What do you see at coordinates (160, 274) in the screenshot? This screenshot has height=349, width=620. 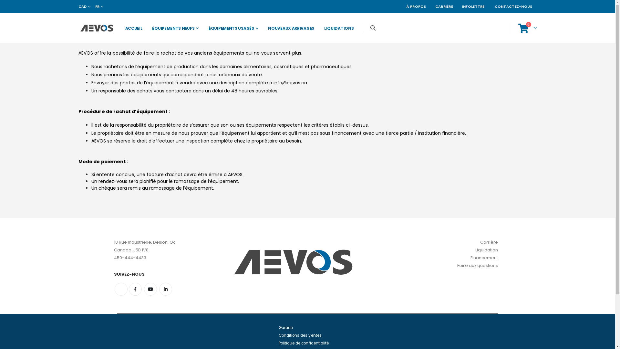 I see `'SUIVEZ-NOUS'` at bounding box center [160, 274].